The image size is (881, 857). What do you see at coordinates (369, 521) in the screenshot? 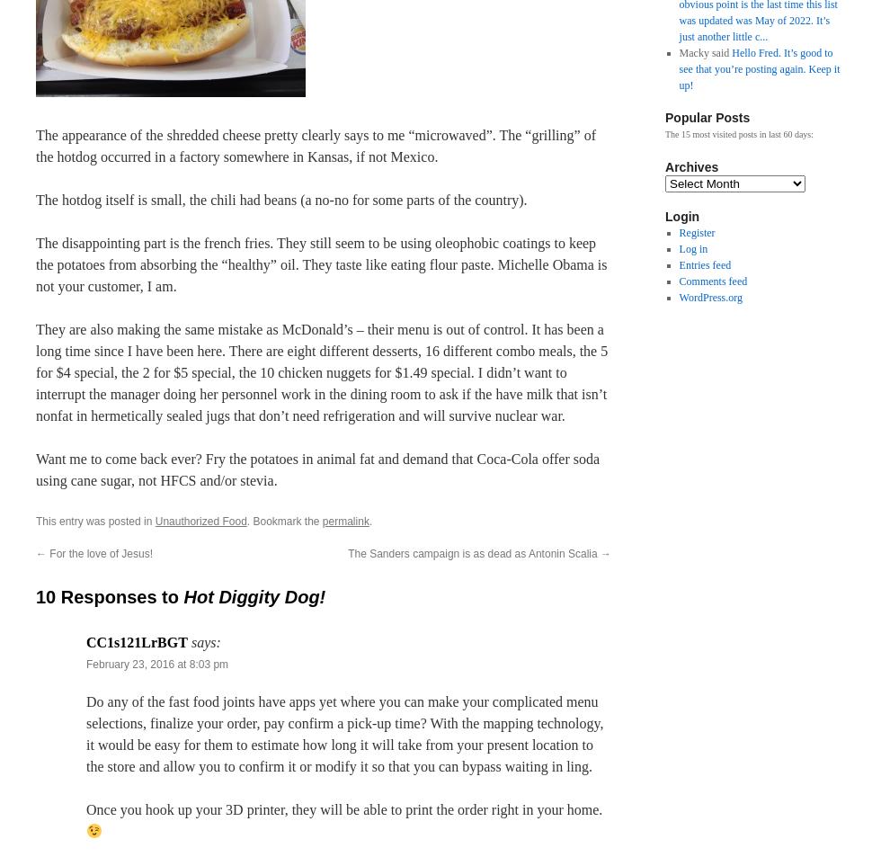
I see `'.'` at bounding box center [369, 521].